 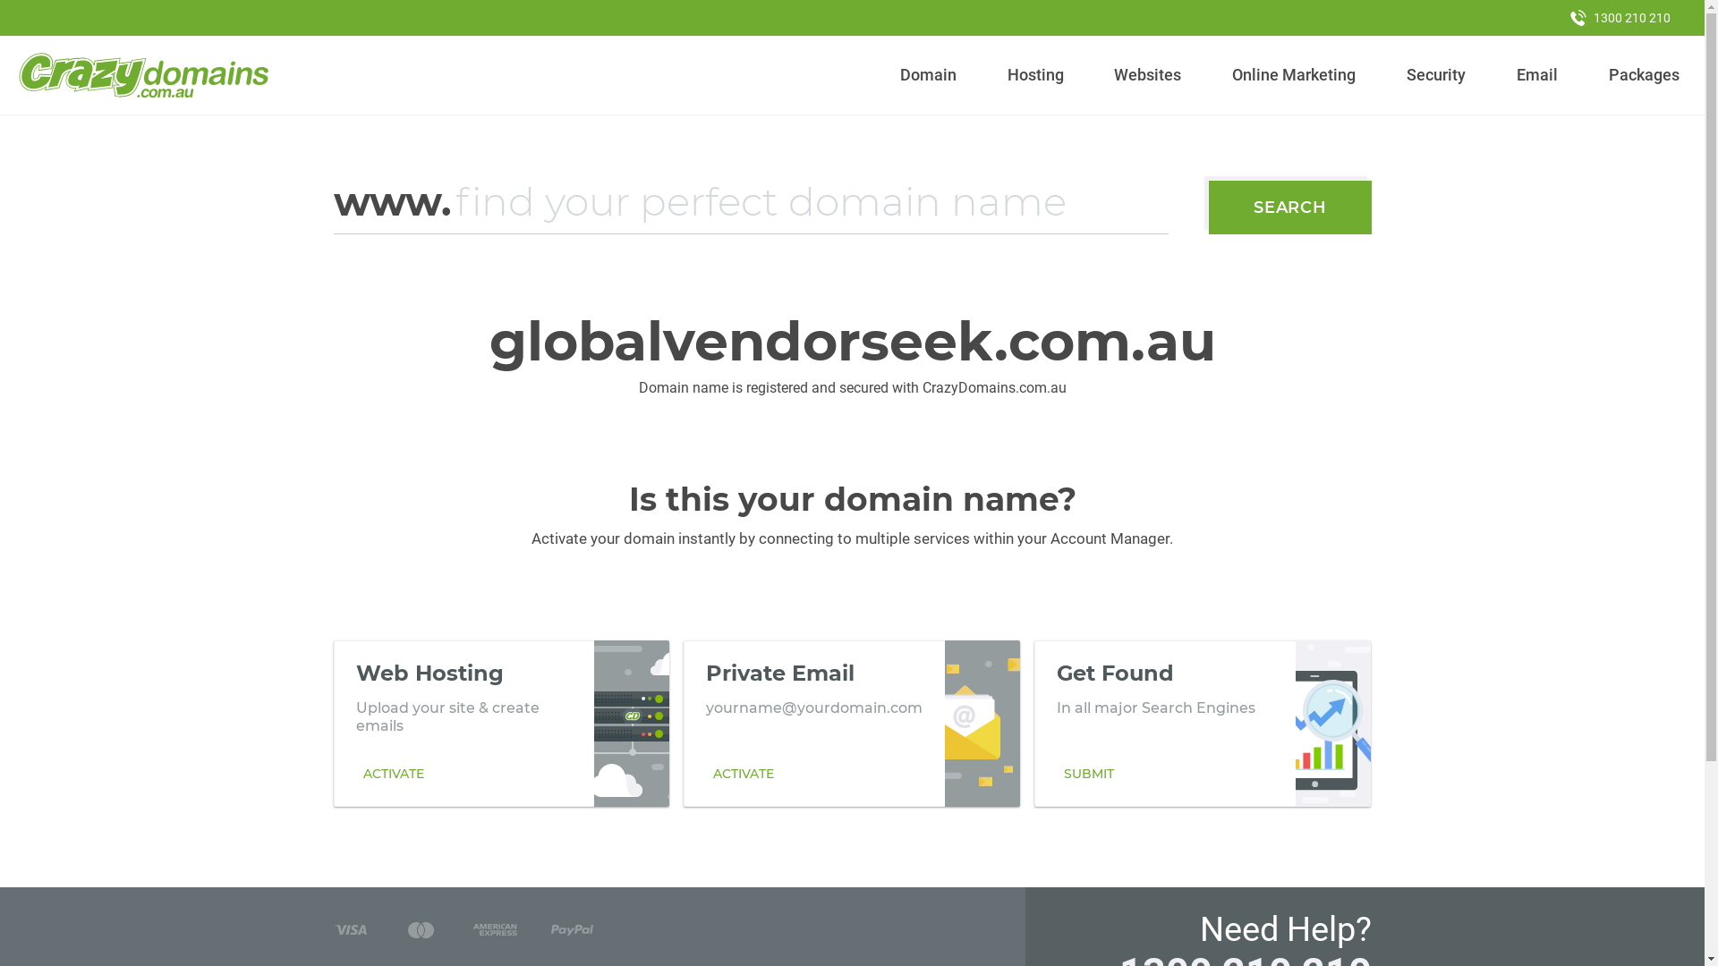 What do you see at coordinates (1223, 74) in the screenshot?
I see `'Online Marketing'` at bounding box center [1223, 74].